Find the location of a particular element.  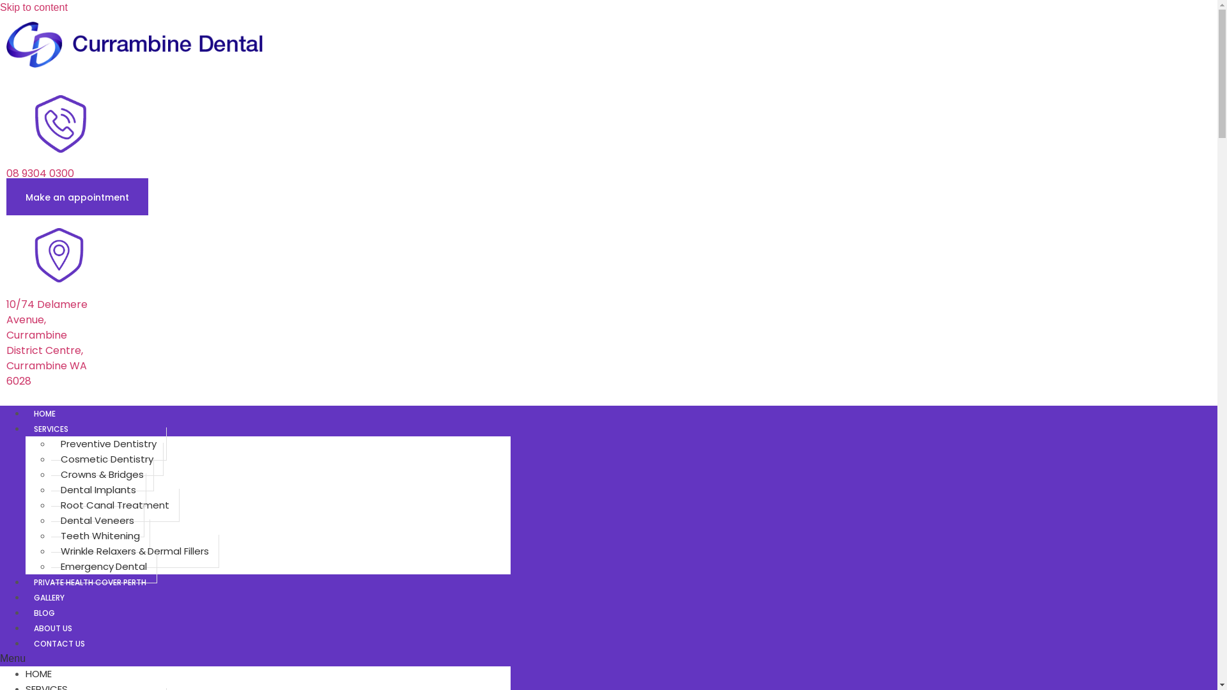

'HOME' is located at coordinates (38, 673).